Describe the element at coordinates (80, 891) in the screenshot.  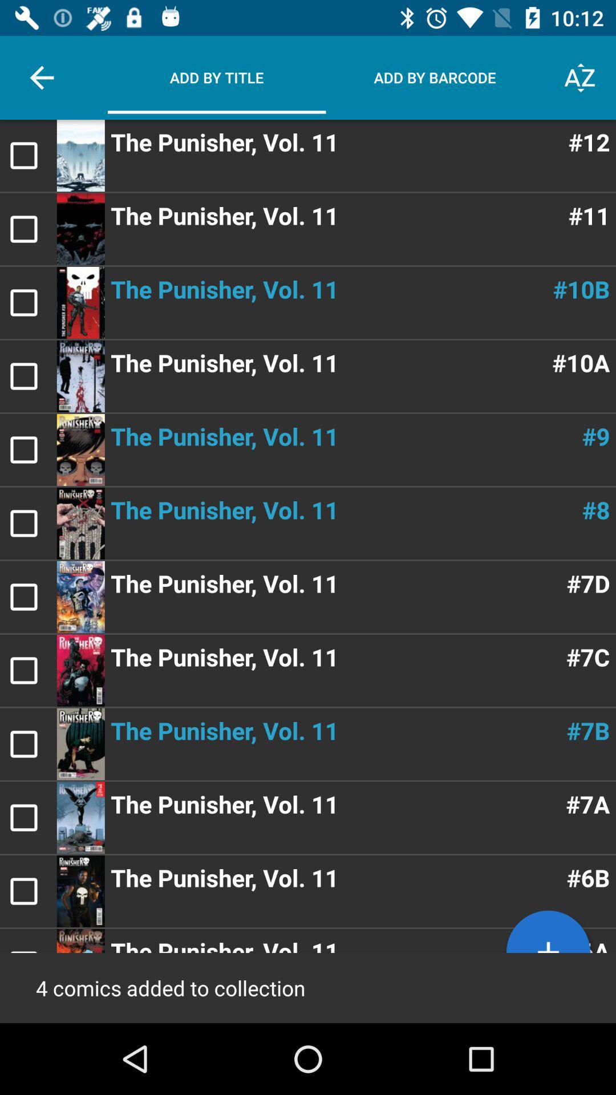
I see `the image which is on the left side of 6b` at that location.